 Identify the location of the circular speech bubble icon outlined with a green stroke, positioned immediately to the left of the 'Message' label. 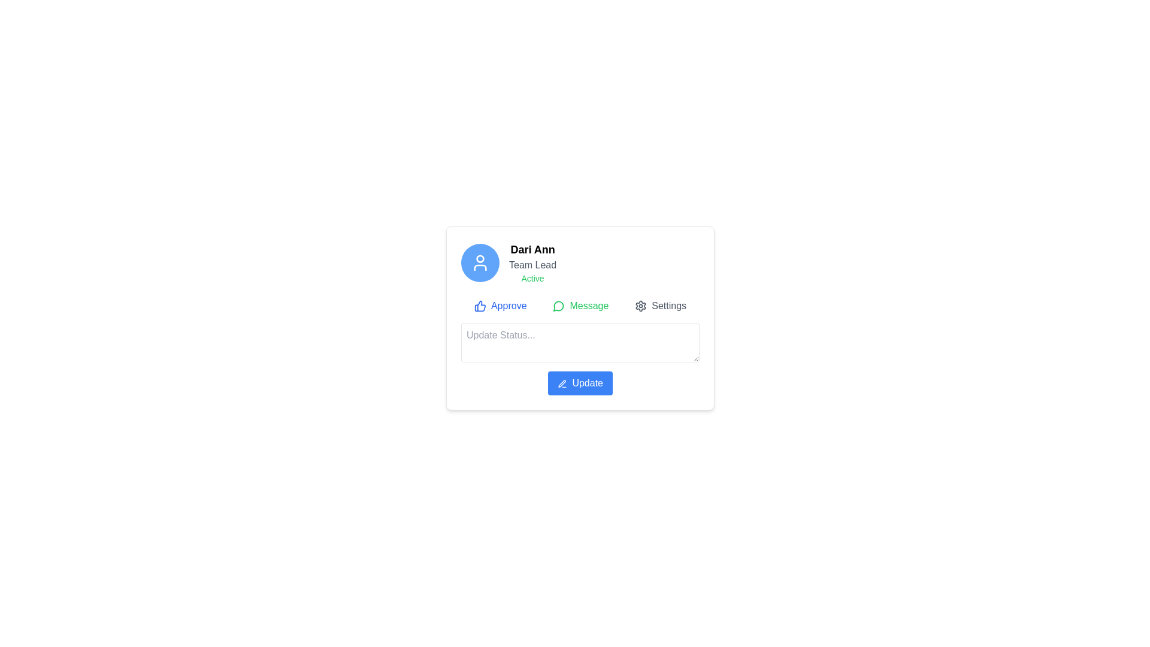
(558, 305).